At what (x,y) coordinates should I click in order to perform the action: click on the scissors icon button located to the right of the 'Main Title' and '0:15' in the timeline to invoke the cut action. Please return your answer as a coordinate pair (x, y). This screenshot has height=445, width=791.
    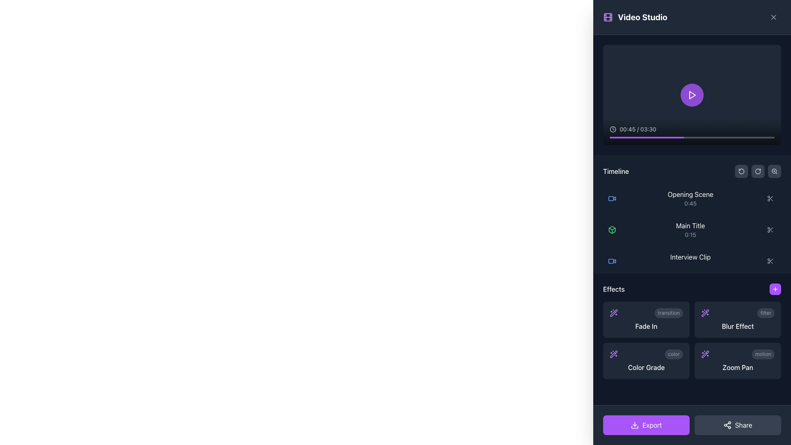
    Looking at the image, I should click on (770, 230).